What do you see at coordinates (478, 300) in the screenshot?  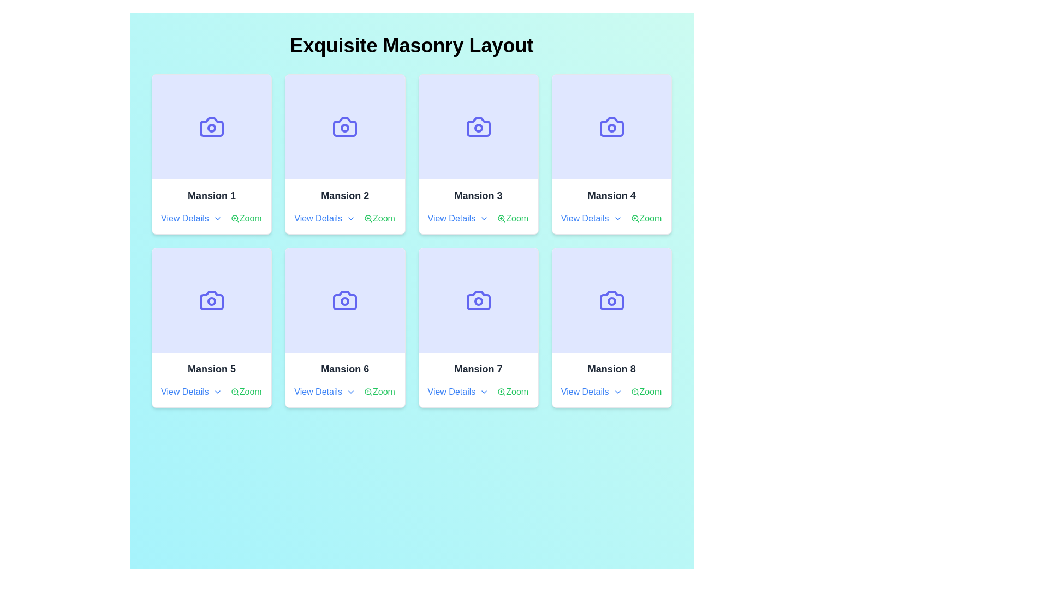 I see `the icon section representing the 'Mansion 7' card located in the second row, third column of the grid layout` at bounding box center [478, 300].